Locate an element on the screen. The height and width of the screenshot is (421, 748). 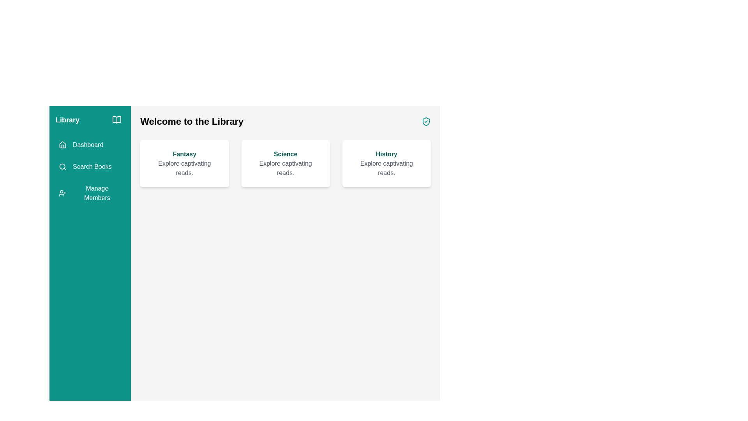
text label that serves as the title for the 'History' card, which is located at the top of the rightmost card in a row of three cards in the Library application interface is located at coordinates (386, 154).